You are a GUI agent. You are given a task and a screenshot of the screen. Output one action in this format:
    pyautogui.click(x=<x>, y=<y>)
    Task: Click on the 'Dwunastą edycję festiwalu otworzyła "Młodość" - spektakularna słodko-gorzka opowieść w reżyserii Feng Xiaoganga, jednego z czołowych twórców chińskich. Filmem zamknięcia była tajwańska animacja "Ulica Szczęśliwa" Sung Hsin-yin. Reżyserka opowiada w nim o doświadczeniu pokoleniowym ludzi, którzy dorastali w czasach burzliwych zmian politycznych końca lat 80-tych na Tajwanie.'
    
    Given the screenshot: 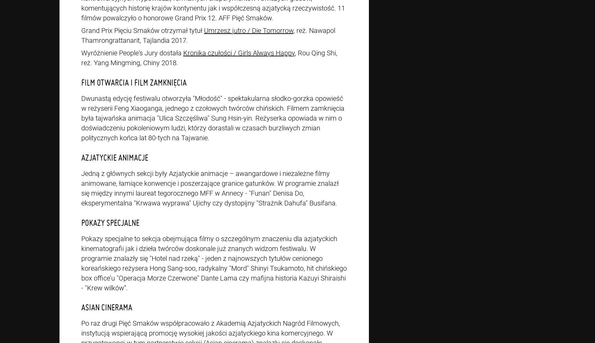 What is the action you would take?
    pyautogui.click(x=212, y=118)
    